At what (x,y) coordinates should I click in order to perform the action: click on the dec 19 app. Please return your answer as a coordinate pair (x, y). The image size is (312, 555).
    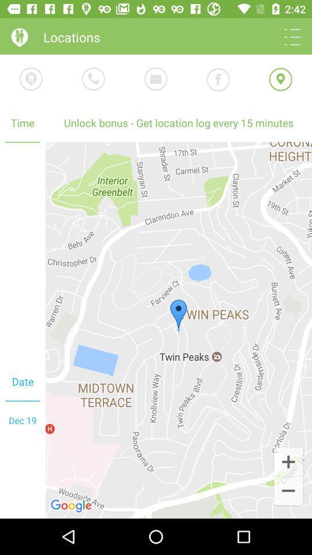
    Looking at the image, I should click on (23, 420).